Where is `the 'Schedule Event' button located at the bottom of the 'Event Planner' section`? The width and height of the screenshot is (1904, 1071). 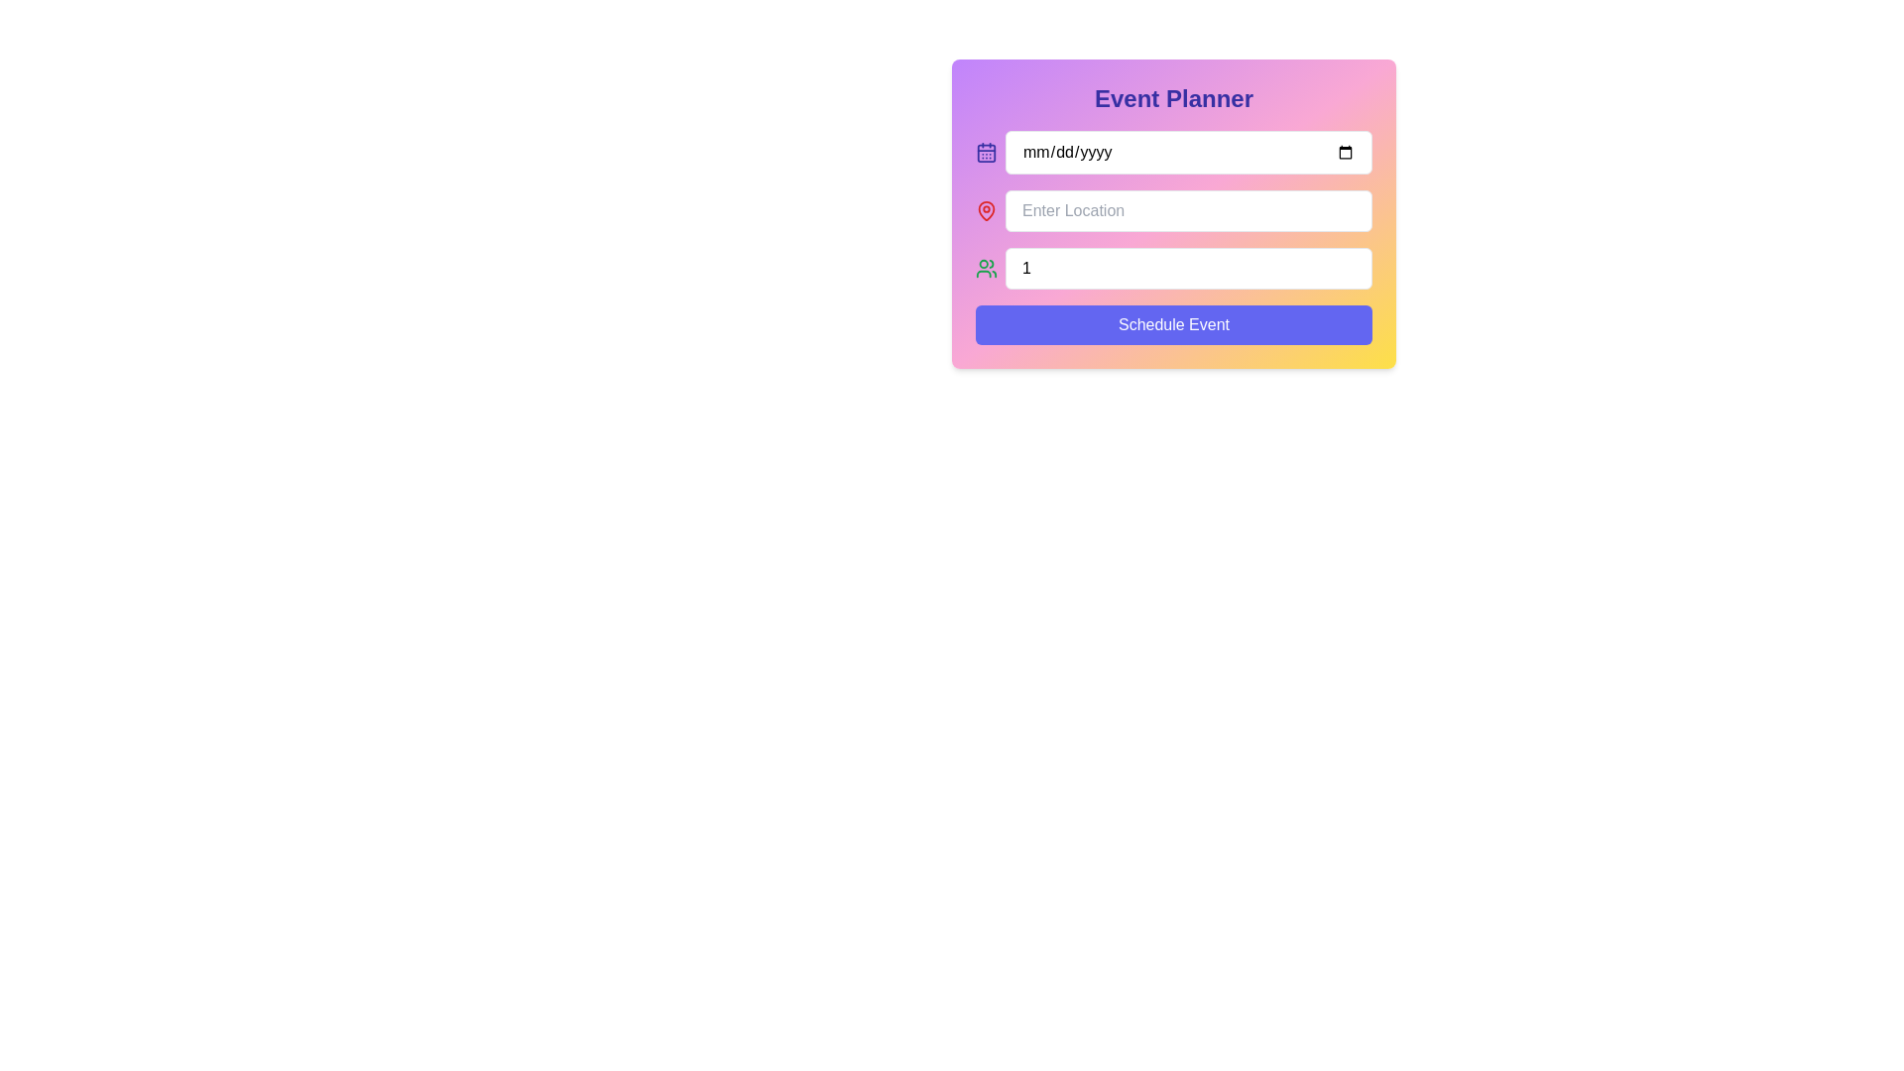 the 'Schedule Event' button located at the bottom of the 'Event Planner' section is located at coordinates (1174, 323).